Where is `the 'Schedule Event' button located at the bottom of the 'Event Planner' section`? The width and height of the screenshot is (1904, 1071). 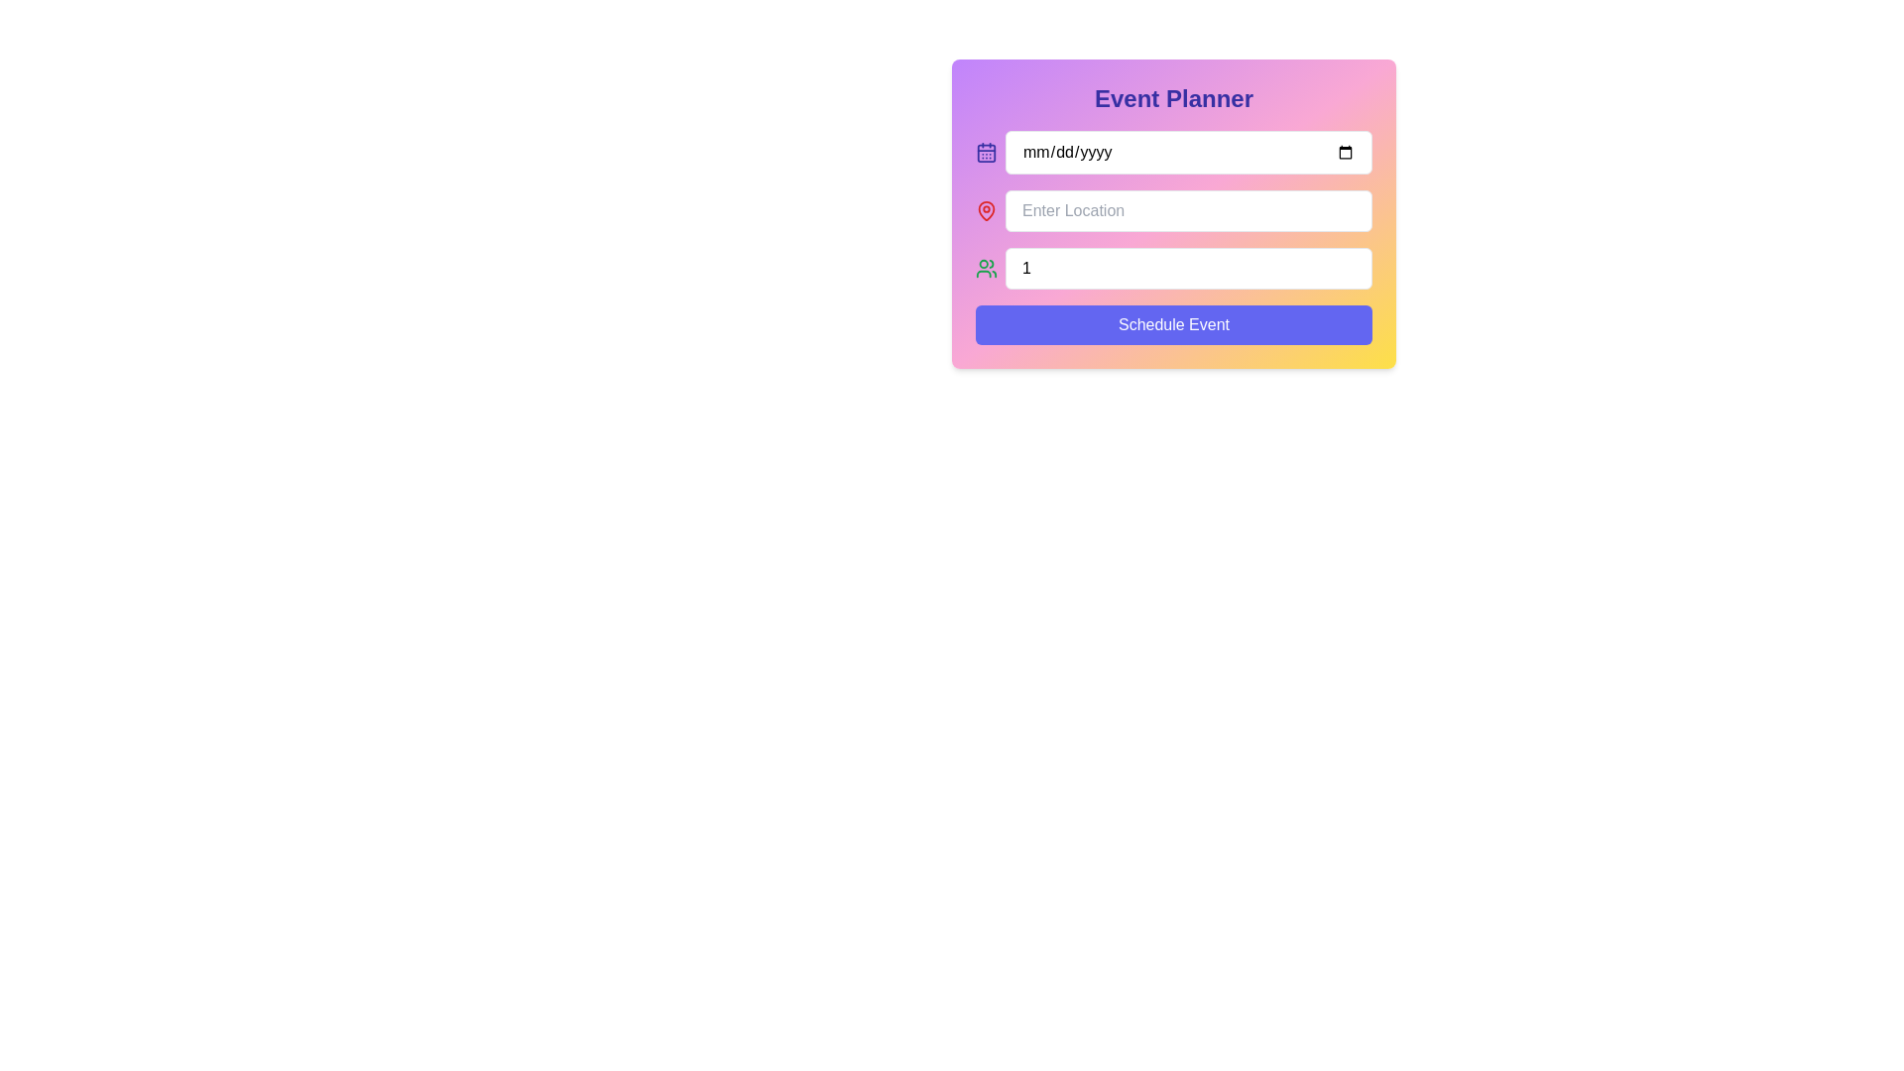 the 'Schedule Event' button located at the bottom of the 'Event Planner' section is located at coordinates (1174, 323).